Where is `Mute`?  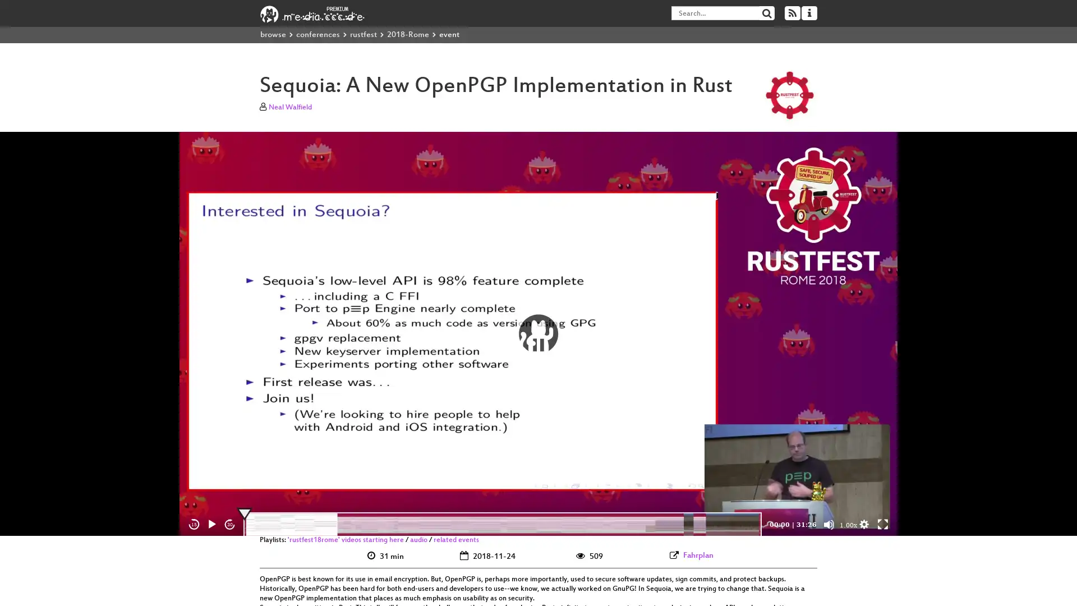 Mute is located at coordinates (829, 524).